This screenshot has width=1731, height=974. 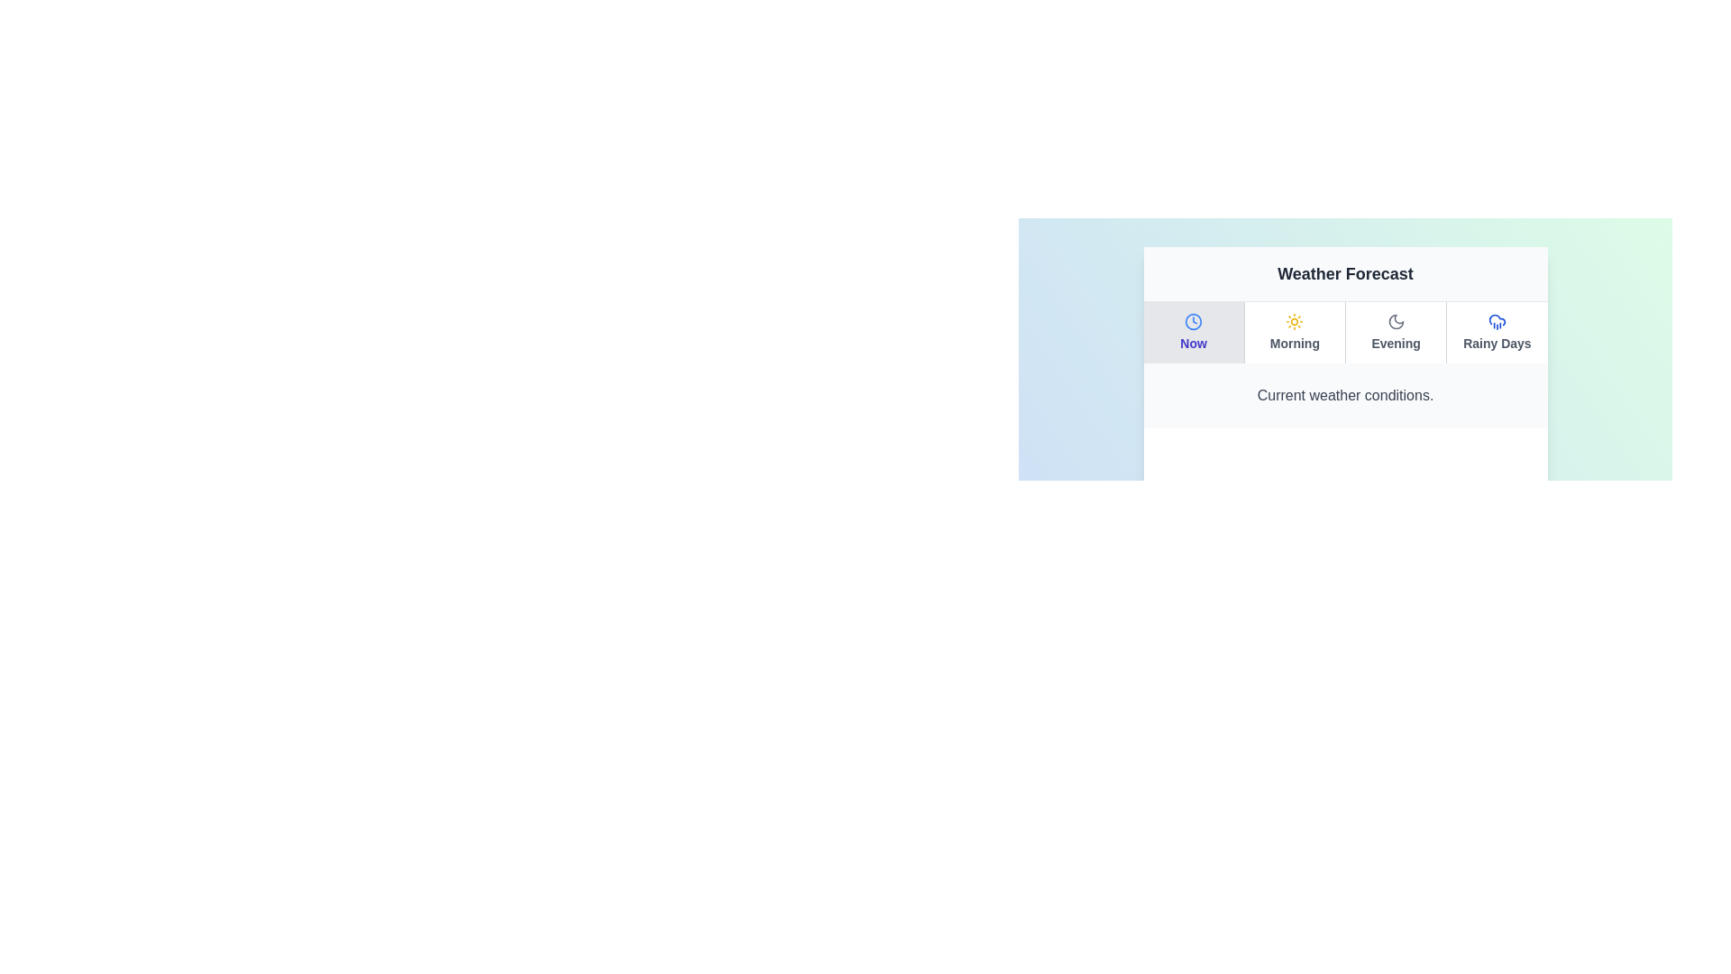 I want to click on the 'Evening' button, which features a crescent moon icon above the text, to access its associated content, so click(x=1395, y=333).